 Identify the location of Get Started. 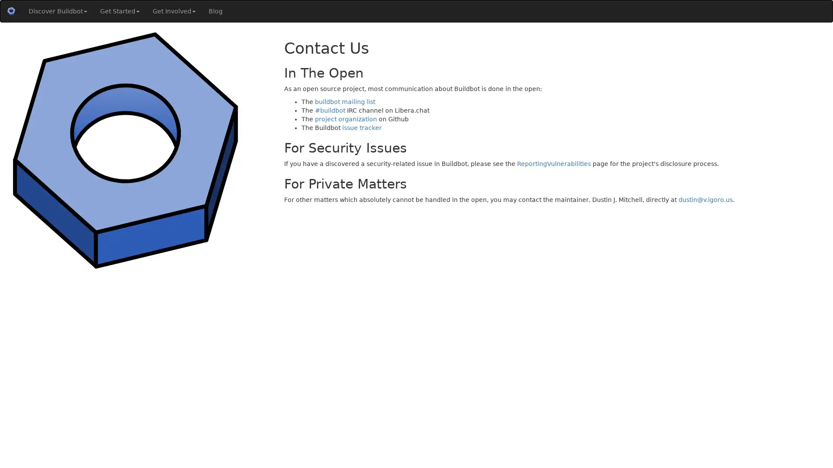
(119, 11).